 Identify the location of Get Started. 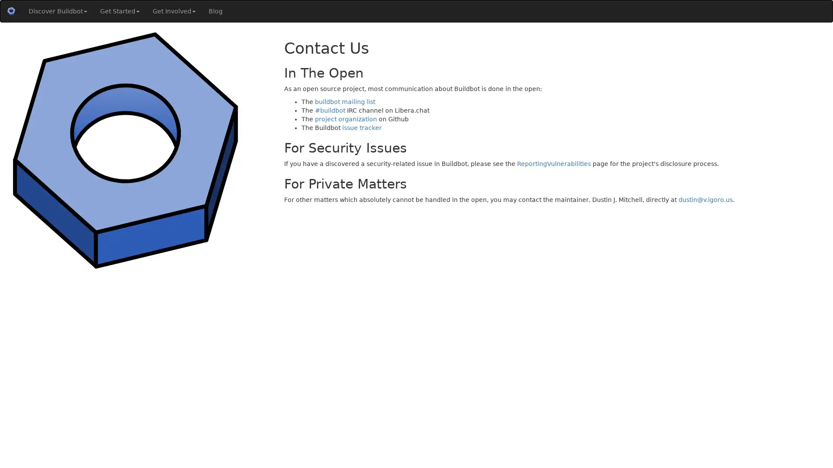
(119, 11).